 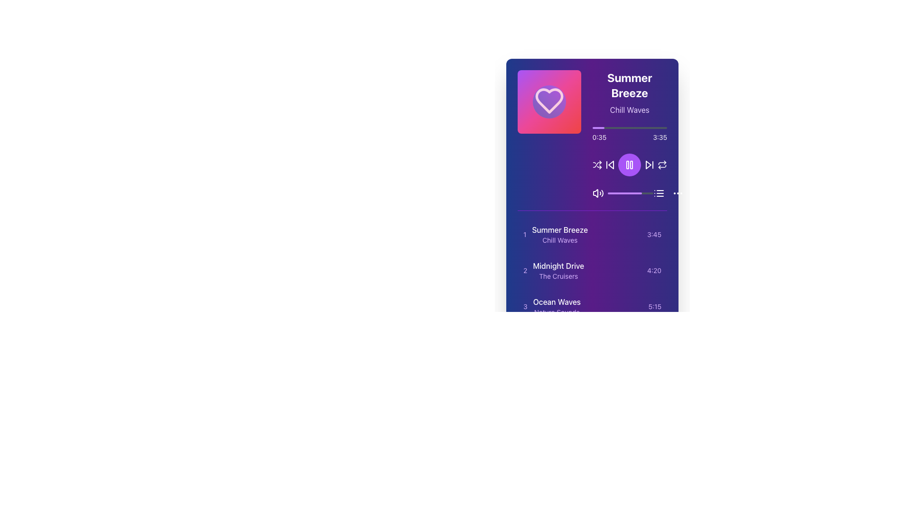 I want to click on the slider value, so click(x=641, y=193).